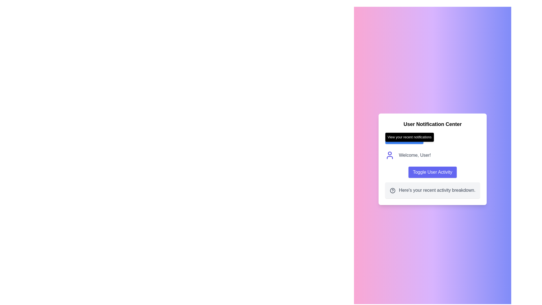  What do you see at coordinates (432, 138) in the screenshot?
I see `the area of the Tooltip to interact with the associated Notifications button located in the User Notification Center` at bounding box center [432, 138].